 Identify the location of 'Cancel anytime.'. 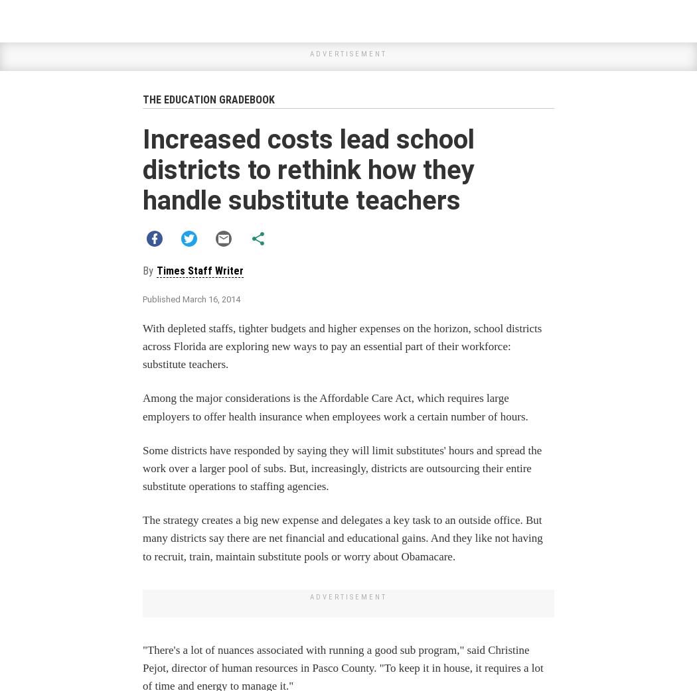
(348, 558).